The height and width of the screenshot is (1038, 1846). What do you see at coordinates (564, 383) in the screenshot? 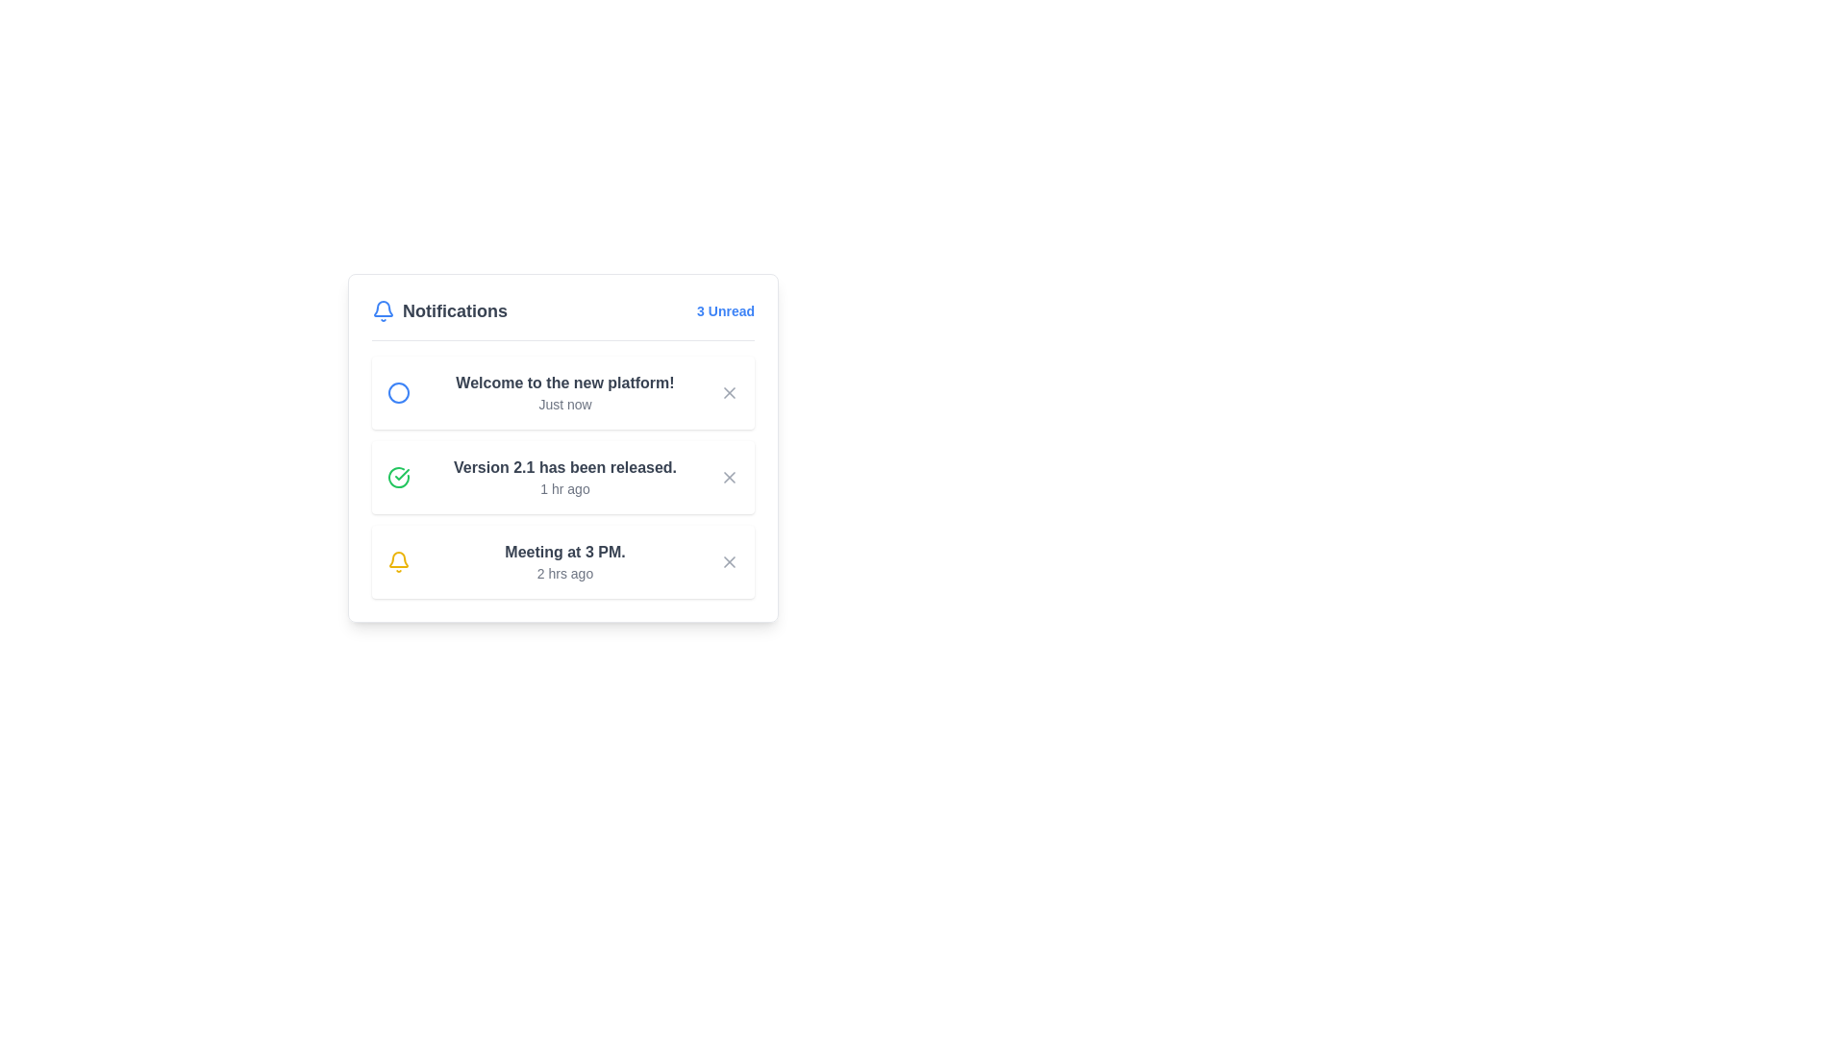
I see `the static text element that says 'Welcome to the new platform!' which is prominently displayed at the top of the notification card in the notifications panel` at bounding box center [564, 383].